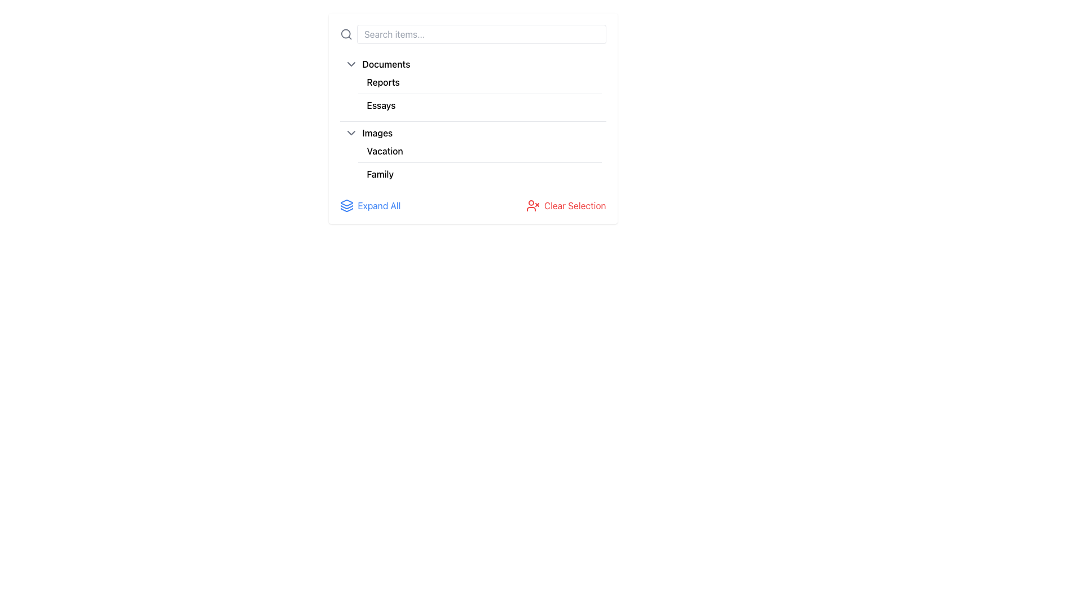 This screenshot has width=1083, height=609. What do you see at coordinates (479, 162) in the screenshot?
I see `the 'Vacation' and 'Family' List Item Pair element located` at bounding box center [479, 162].